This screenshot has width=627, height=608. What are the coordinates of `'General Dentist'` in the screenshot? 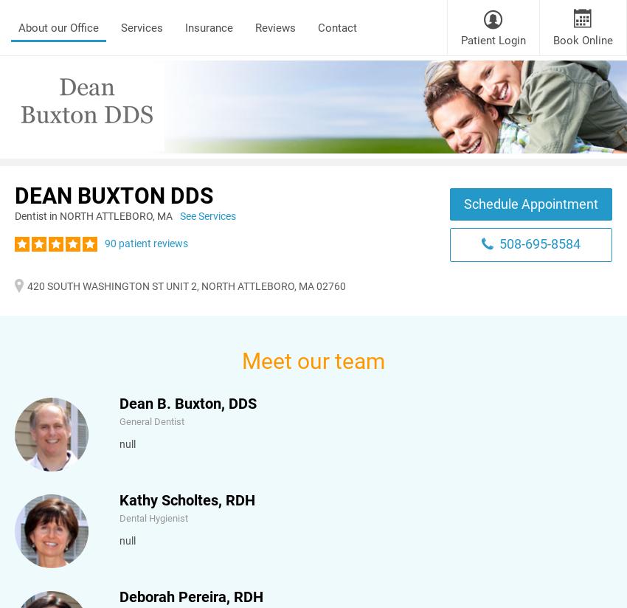 It's located at (151, 421).